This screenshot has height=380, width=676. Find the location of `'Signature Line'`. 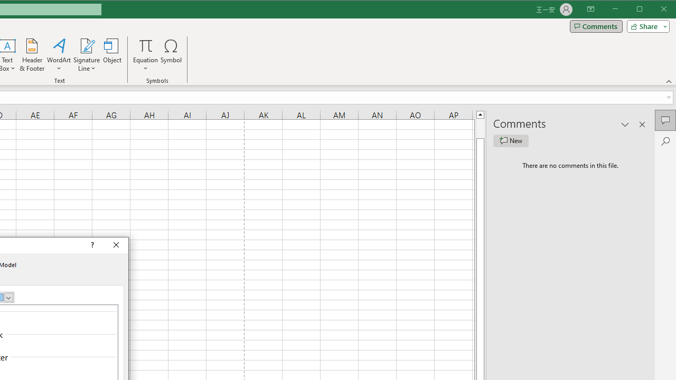

'Signature Line' is located at coordinates (87, 45).